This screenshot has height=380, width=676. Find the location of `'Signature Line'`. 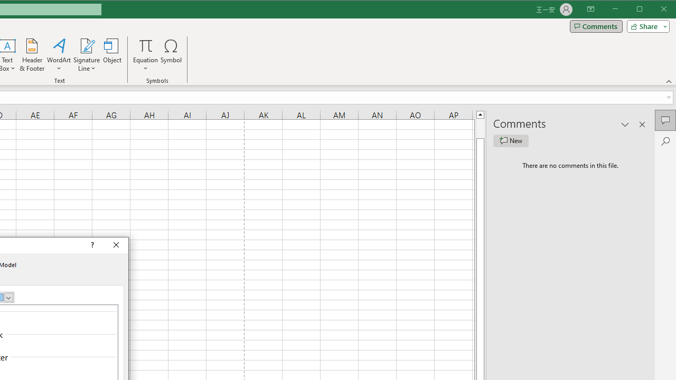

'Signature Line' is located at coordinates (87, 45).